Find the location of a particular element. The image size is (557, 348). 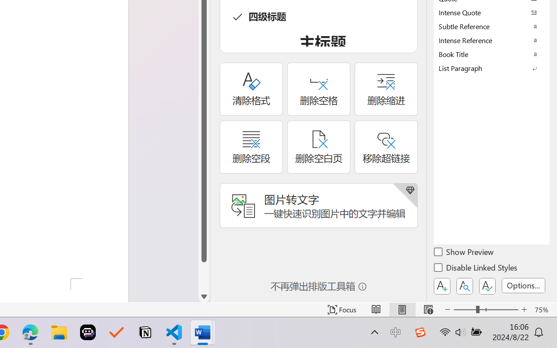

'Web Layout' is located at coordinates (428, 309).